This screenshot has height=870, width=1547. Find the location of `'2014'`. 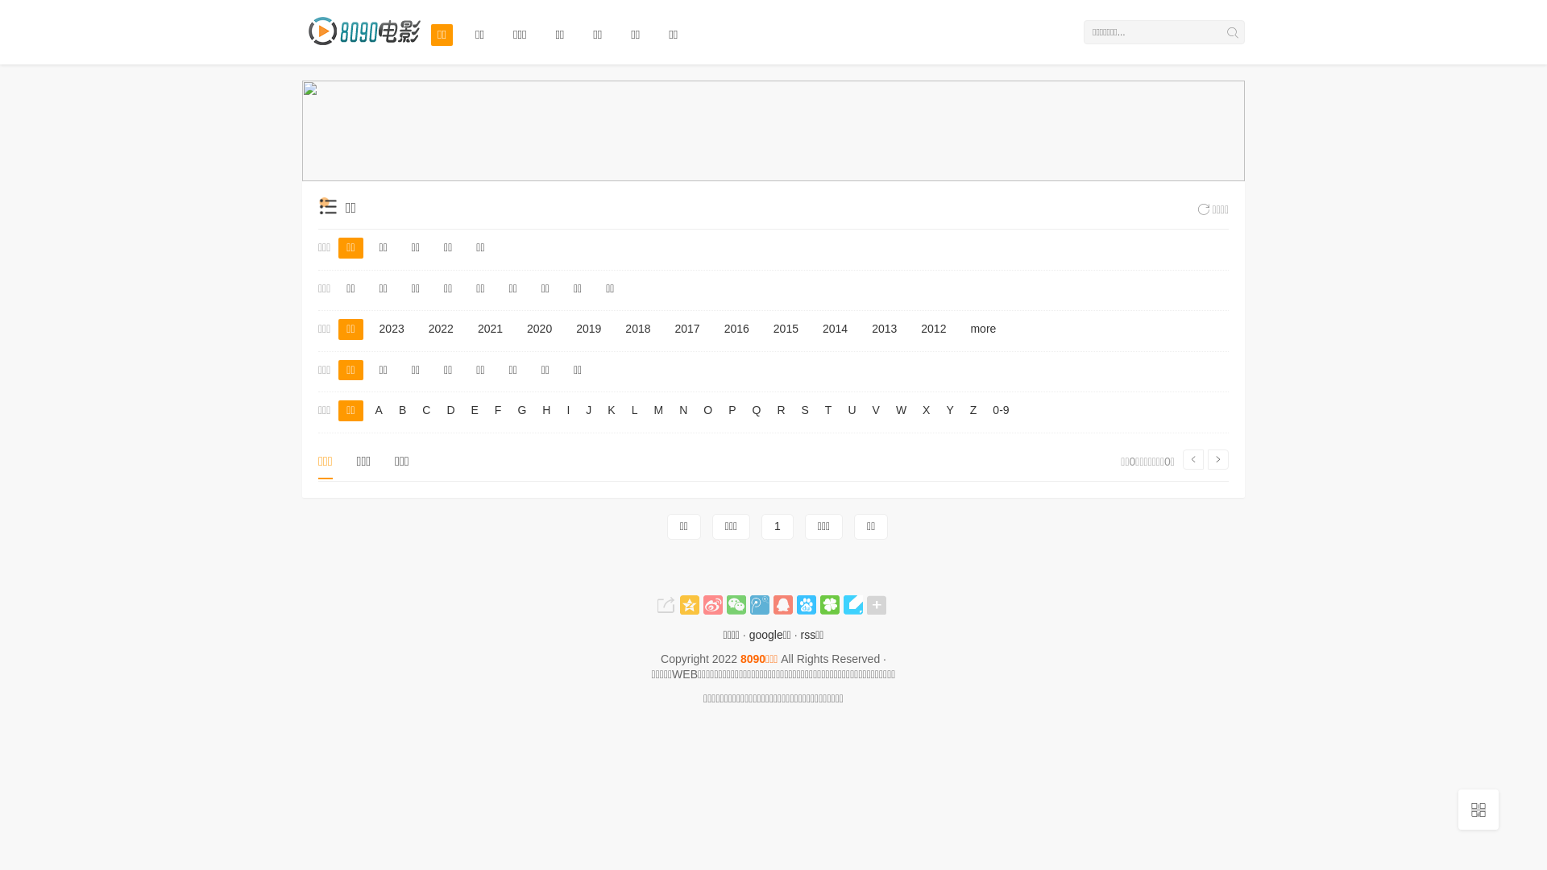

'2014' is located at coordinates (835, 328).